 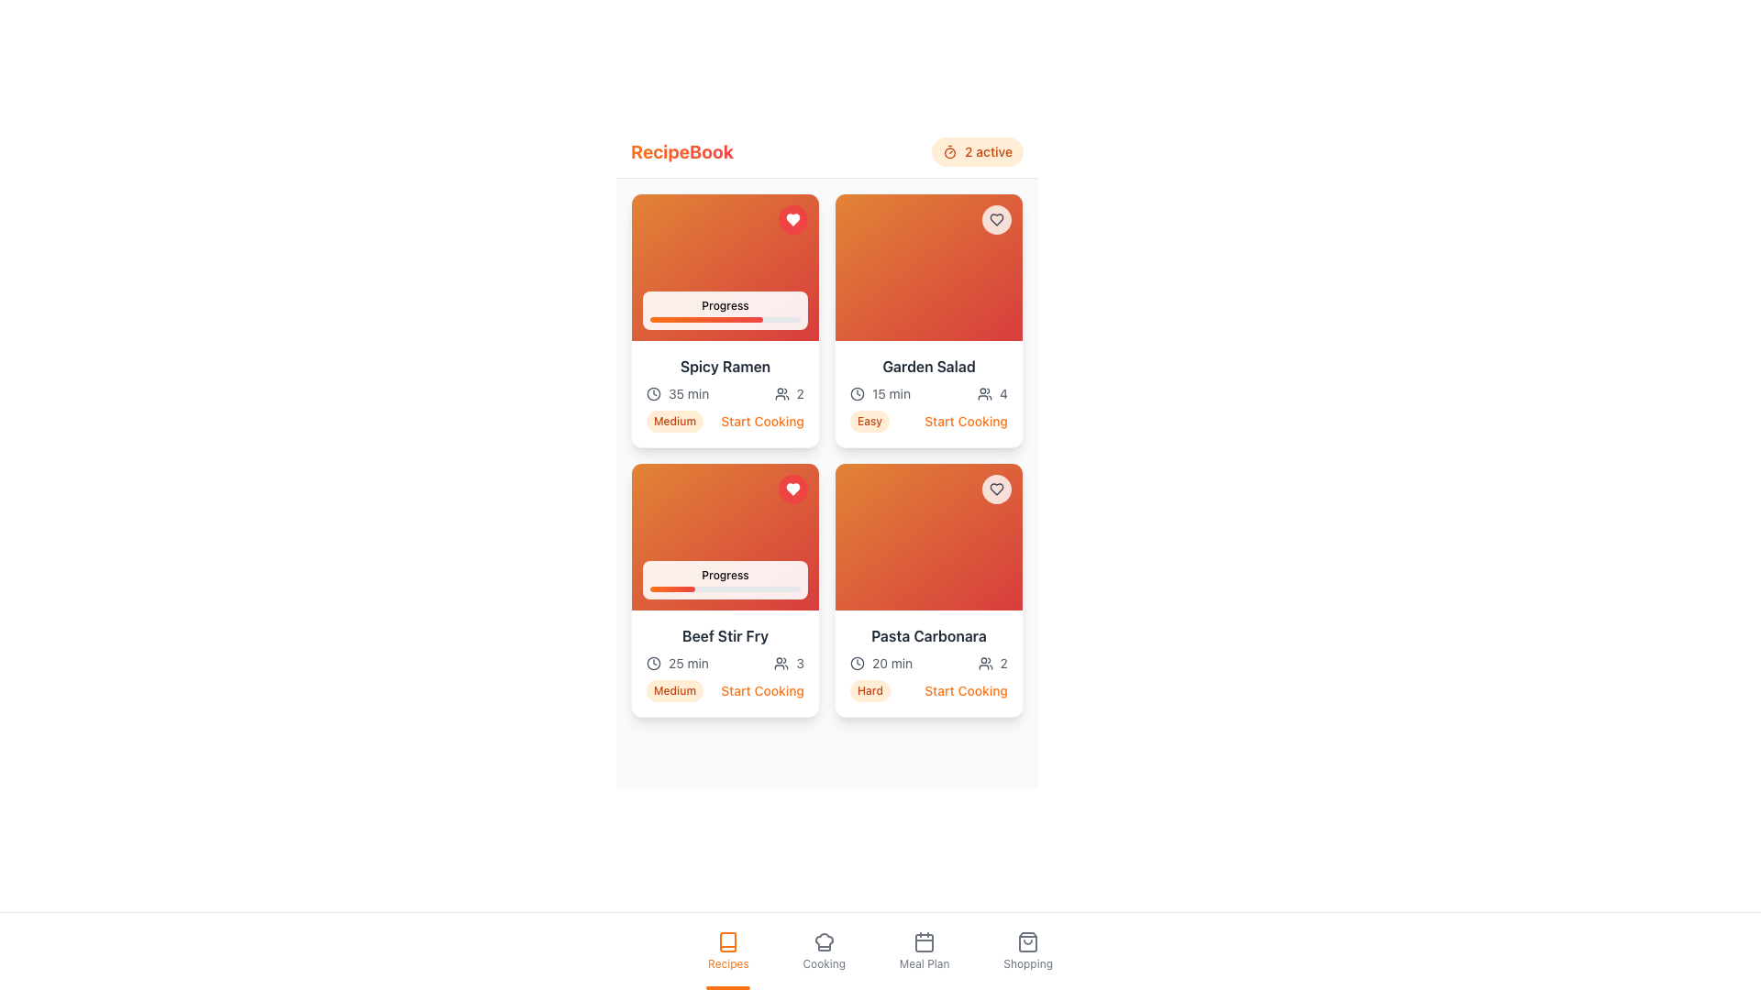 I want to click on the static text displaying the numeral '2' next to the user group icon in the lower section of the 'Spicy Ramen' card, so click(x=800, y=392).